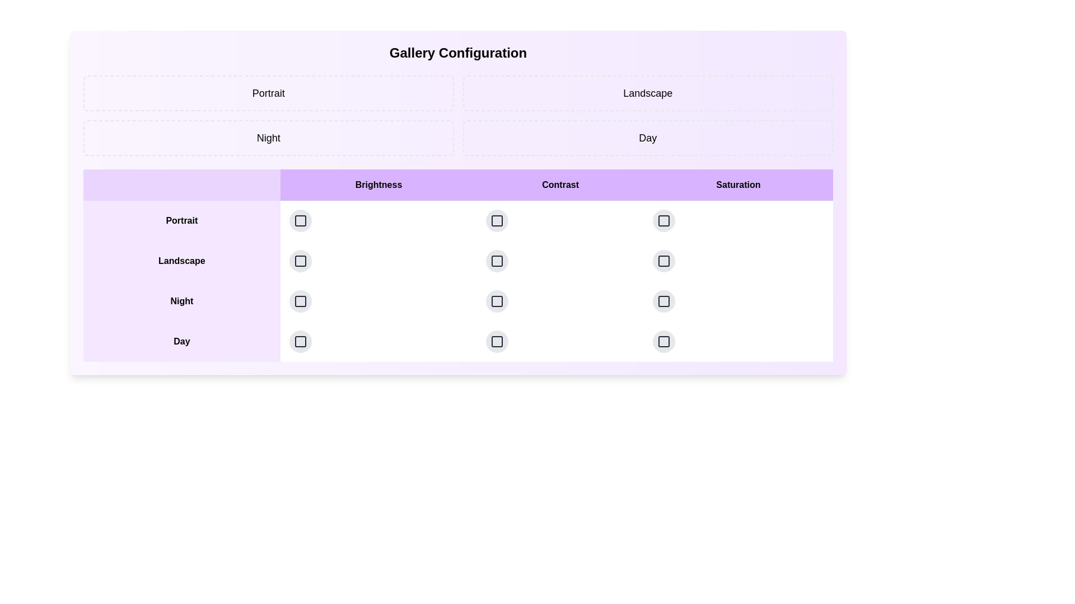 The width and height of the screenshot is (1075, 604). I want to click on the Interactive Icon for the 'Night' configuration under the 'Contrast' category, so click(497, 301).